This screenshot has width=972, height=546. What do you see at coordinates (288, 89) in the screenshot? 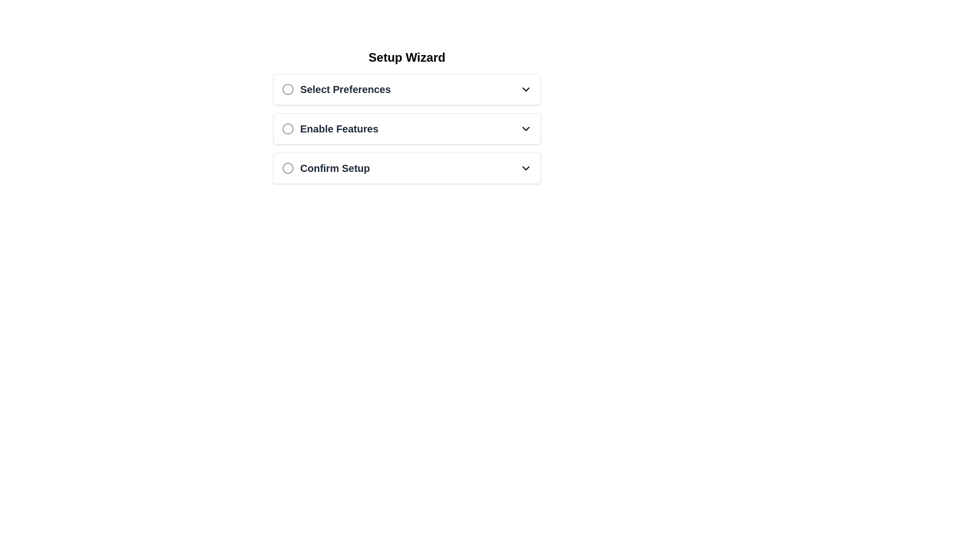
I see `the Circle icon located to the left of the 'Select Preferences' text label` at bounding box center [288, 89].